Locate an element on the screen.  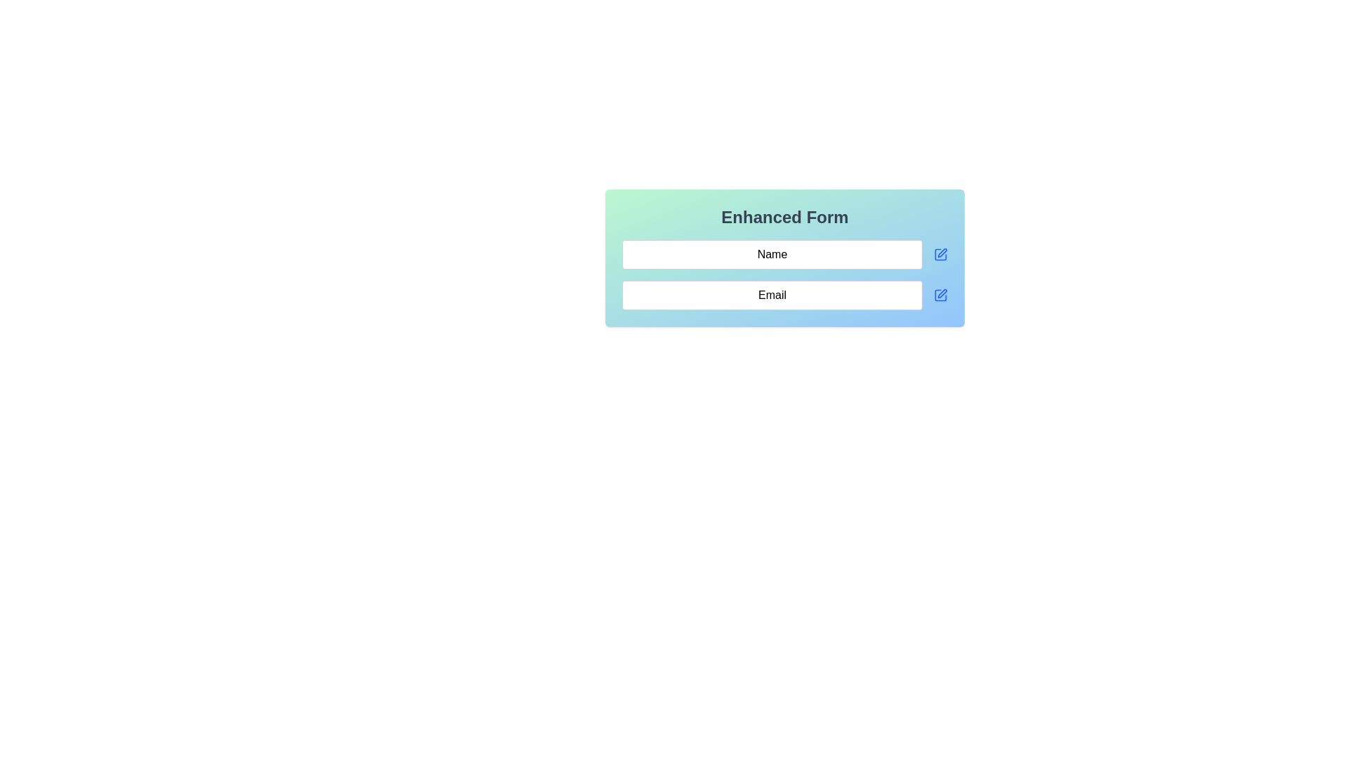
the second icon button resembling a pen or pencil located at the right side of the email input field in the 'Enhanced Form' is located at coordinates (942, 293).